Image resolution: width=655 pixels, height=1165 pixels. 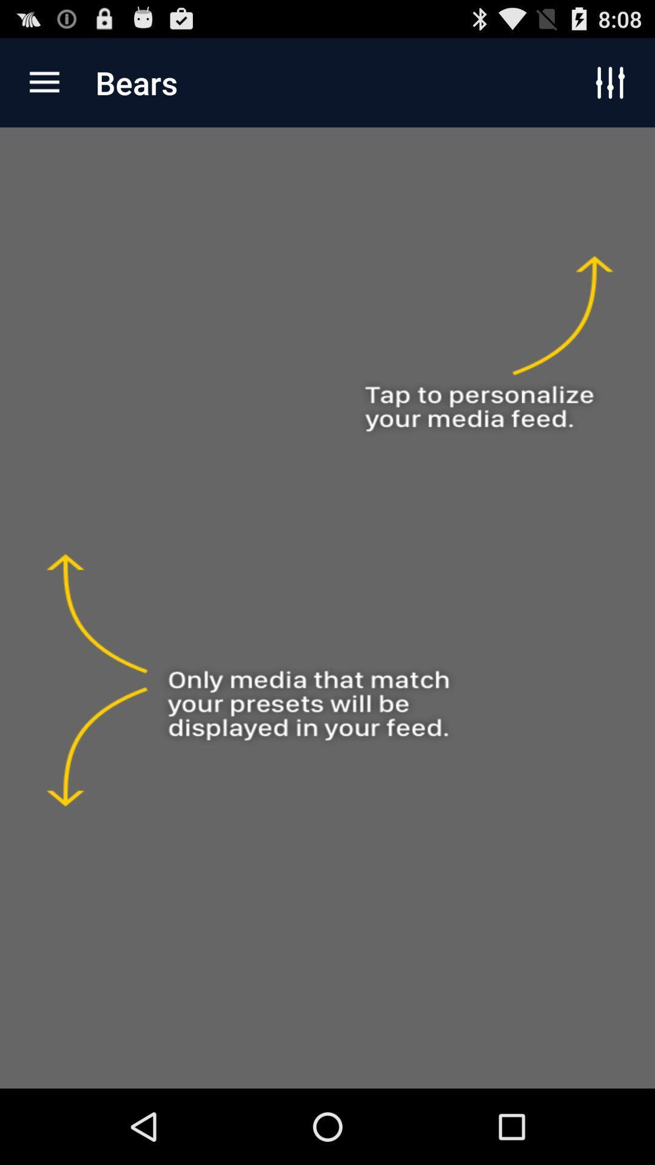 I want to click on change feed on bears, so click(x=327, y=608).